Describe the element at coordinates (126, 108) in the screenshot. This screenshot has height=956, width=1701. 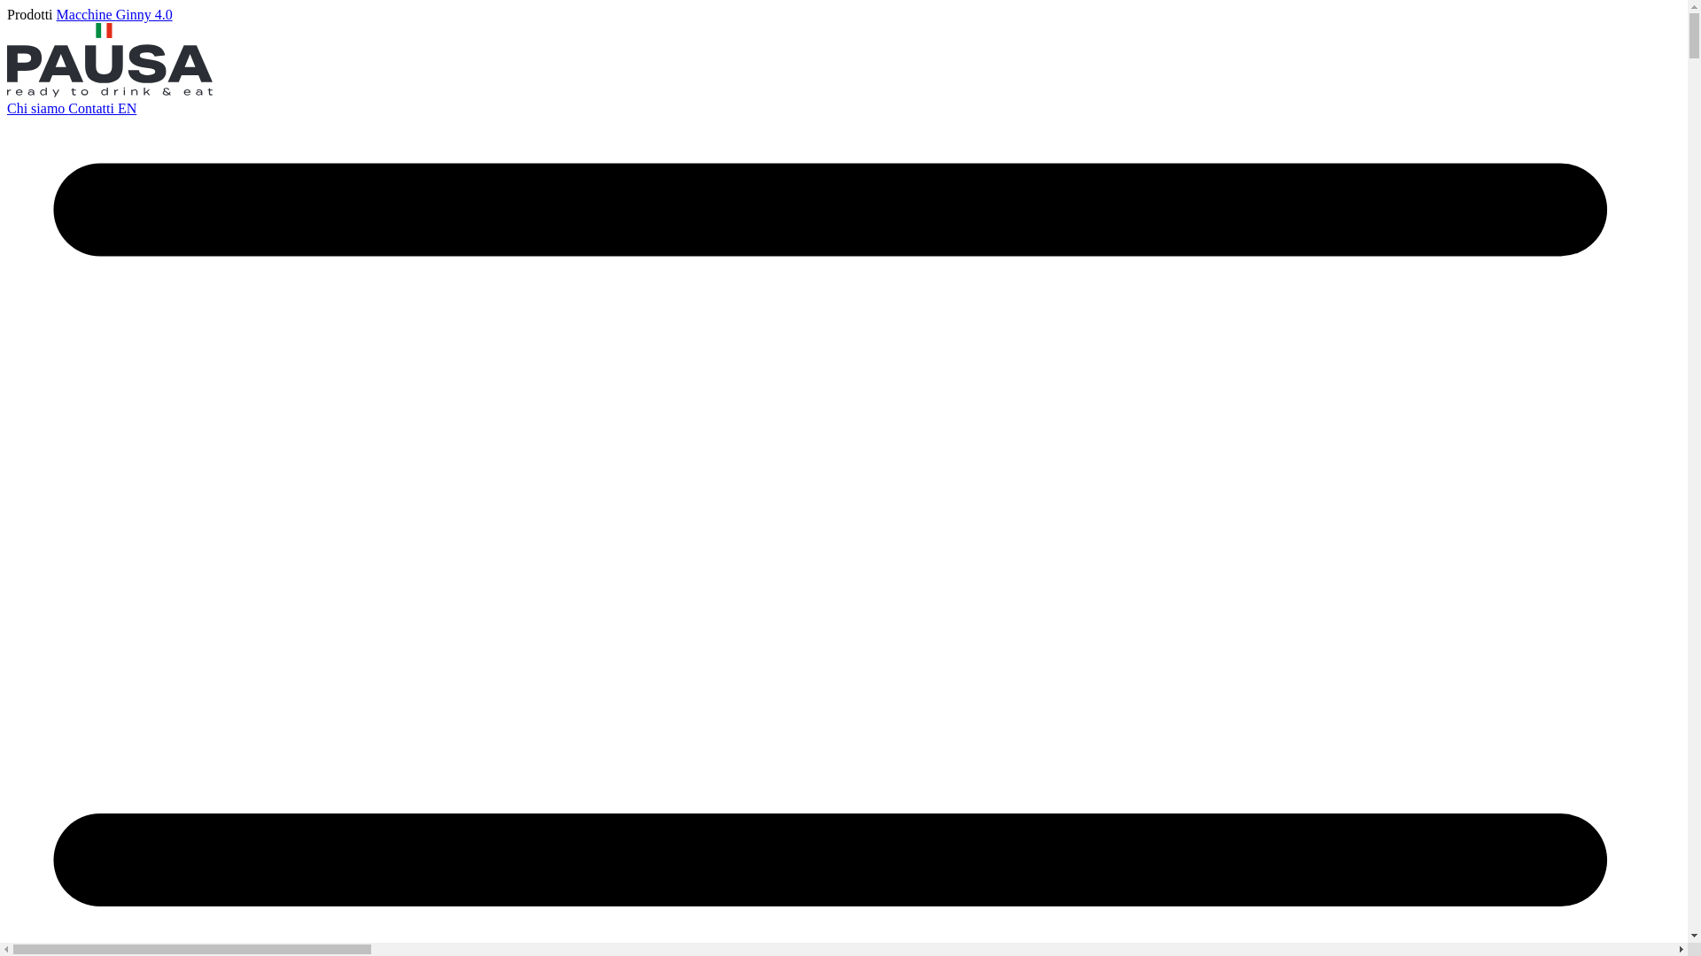
I see `'EN'` at that location.